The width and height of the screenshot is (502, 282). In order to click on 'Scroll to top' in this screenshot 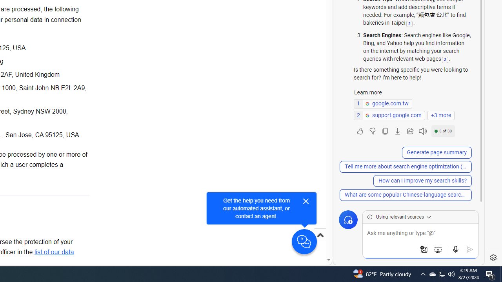, I will do `click(320, 243)`.